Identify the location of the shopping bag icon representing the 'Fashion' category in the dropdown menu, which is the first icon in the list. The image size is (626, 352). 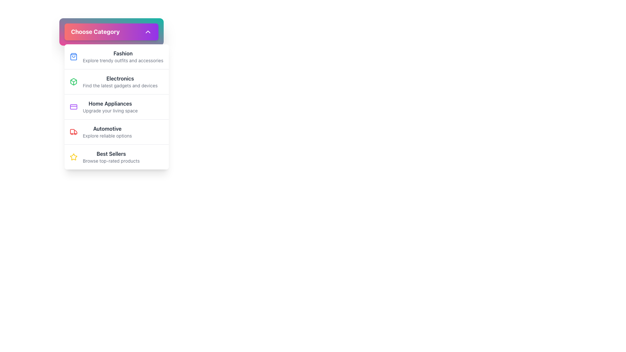
(73, 56).